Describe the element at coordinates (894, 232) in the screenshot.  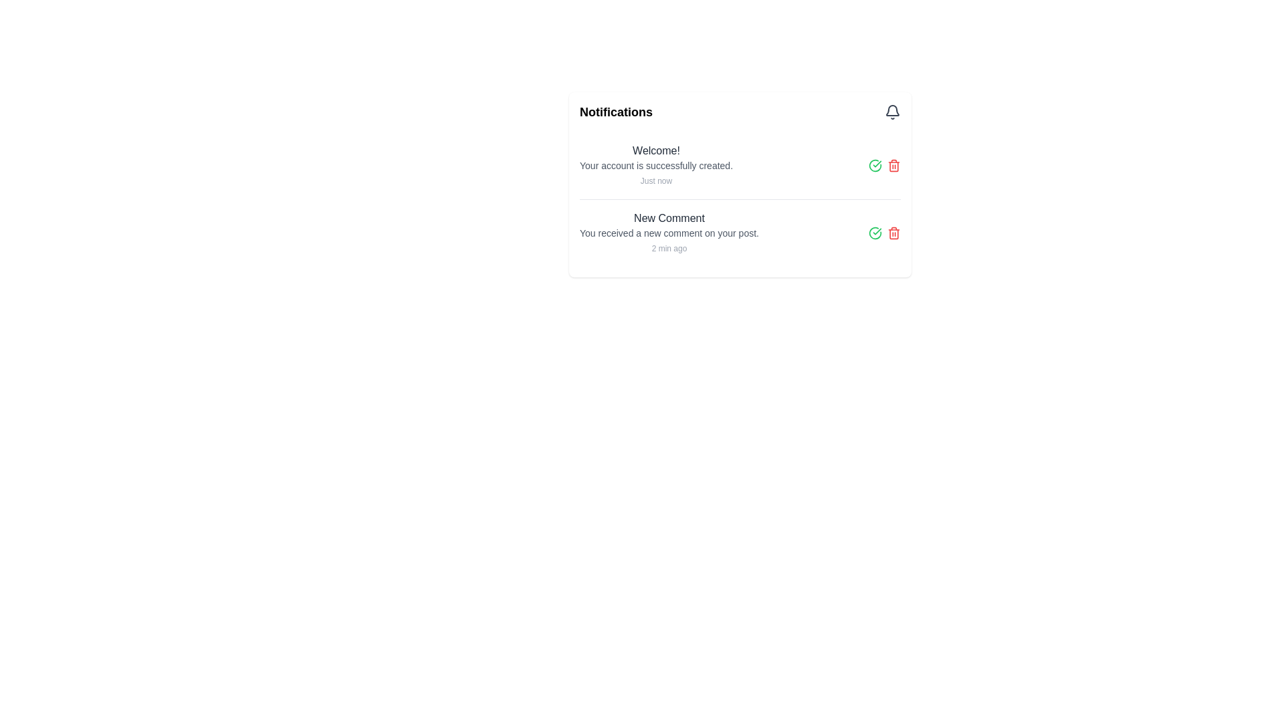
I see `the red trash bin icon, the second icon on the right side of the second notification item in a two-item notification list` at that location.